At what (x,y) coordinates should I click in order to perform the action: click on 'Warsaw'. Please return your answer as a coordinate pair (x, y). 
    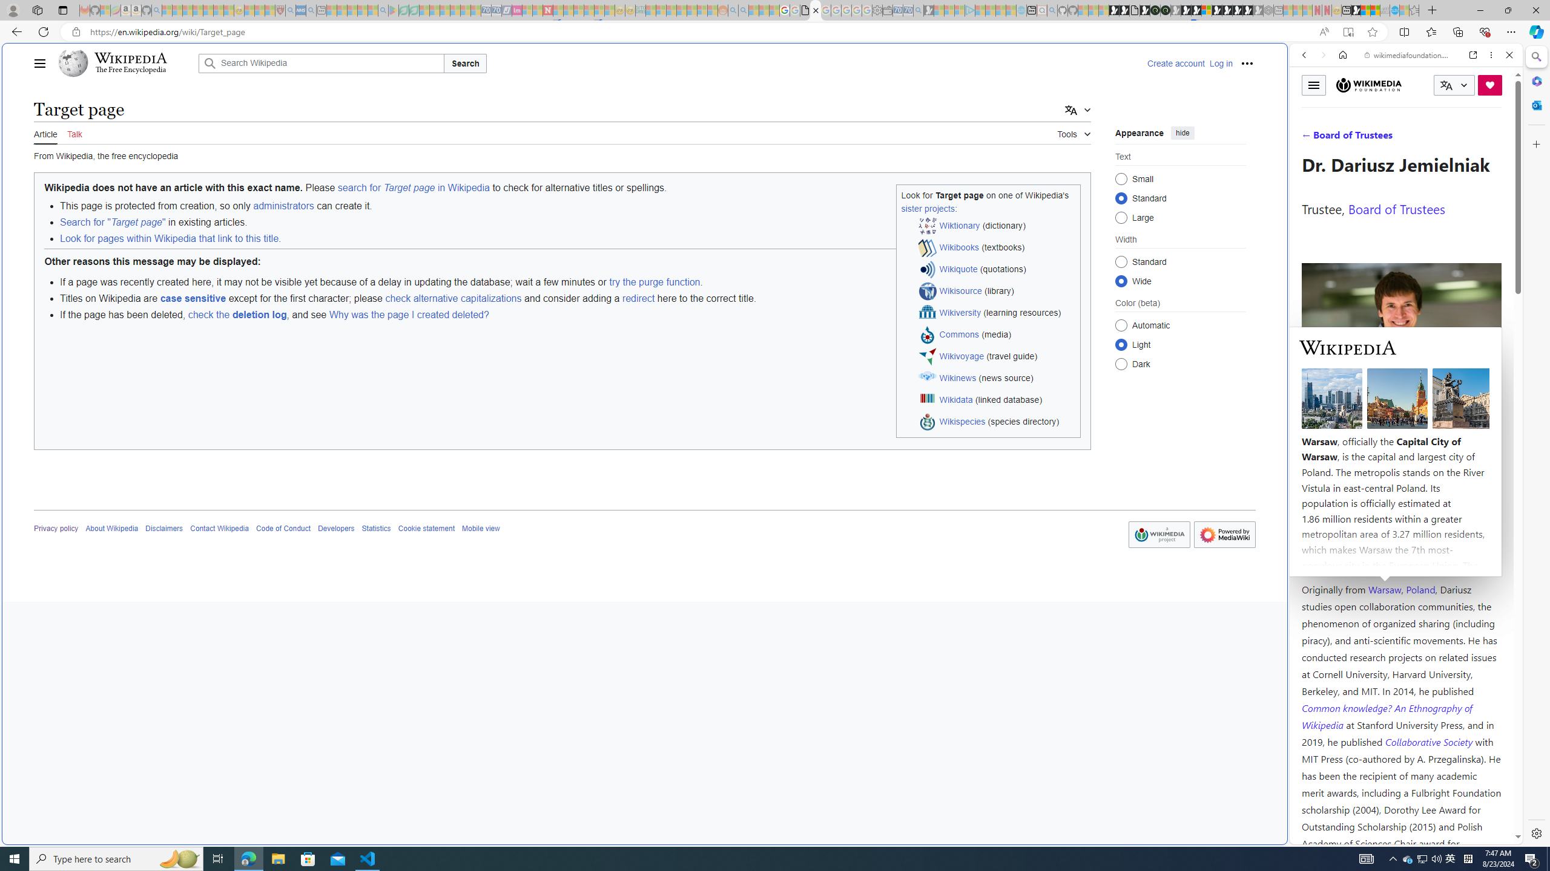
    Looking at the image, I should click on (1384, 589).